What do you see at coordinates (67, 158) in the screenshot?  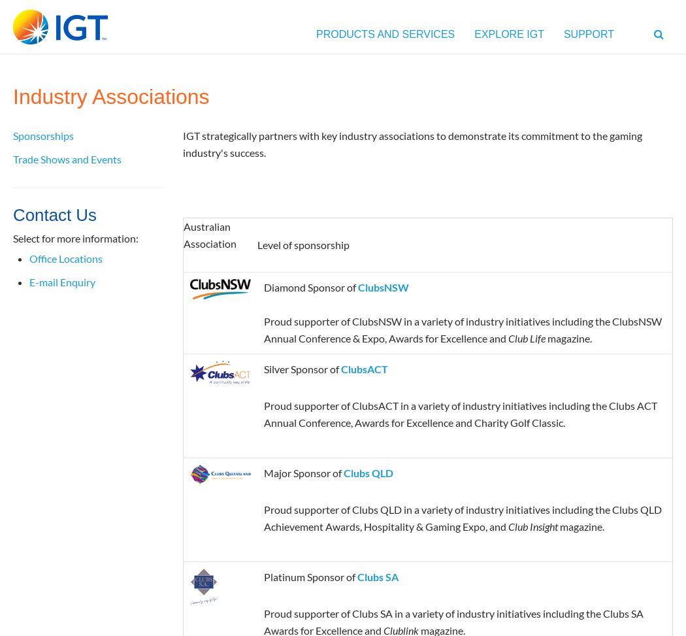 I see `'Trade Shows and Events'` at bounding box center [67, 158].